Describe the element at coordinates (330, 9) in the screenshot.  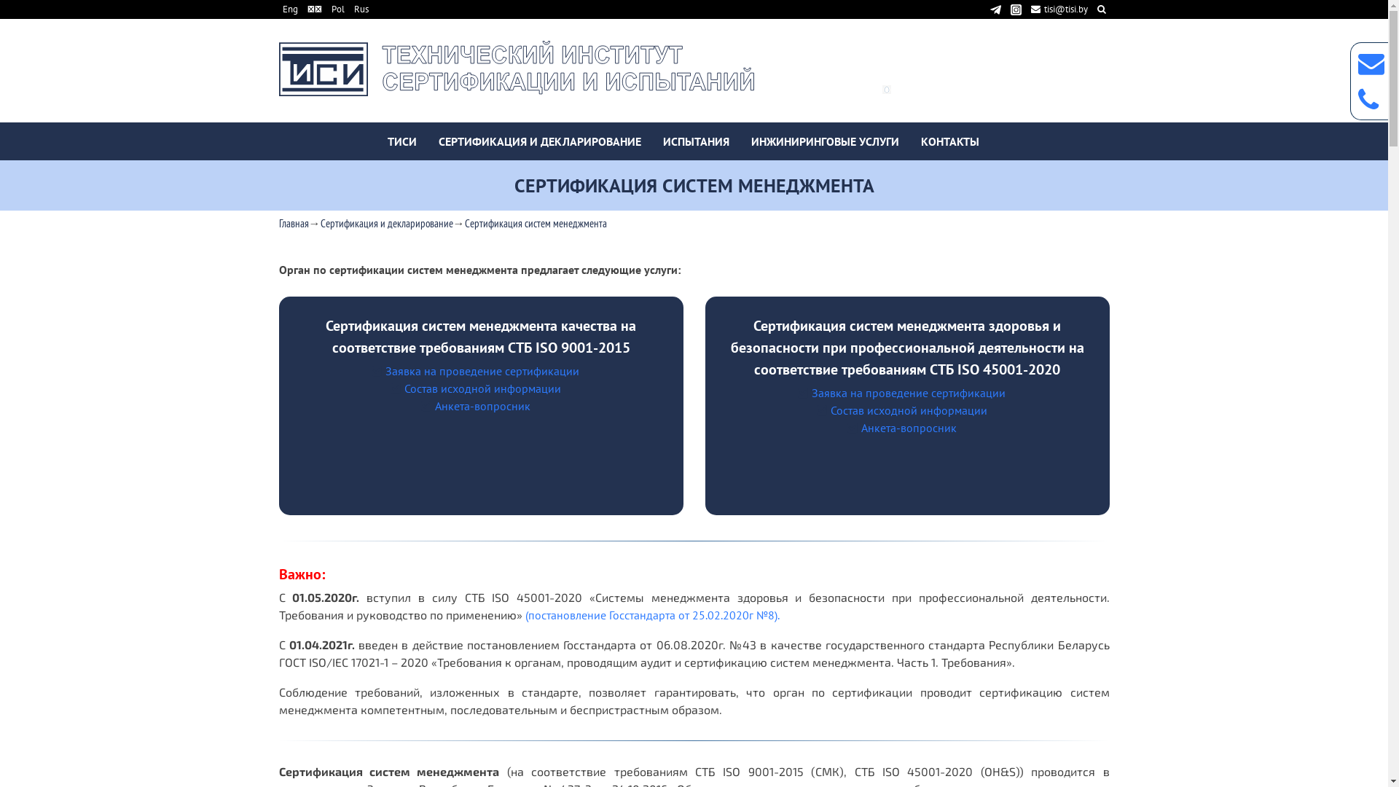
I see `'Pol'` at that location.